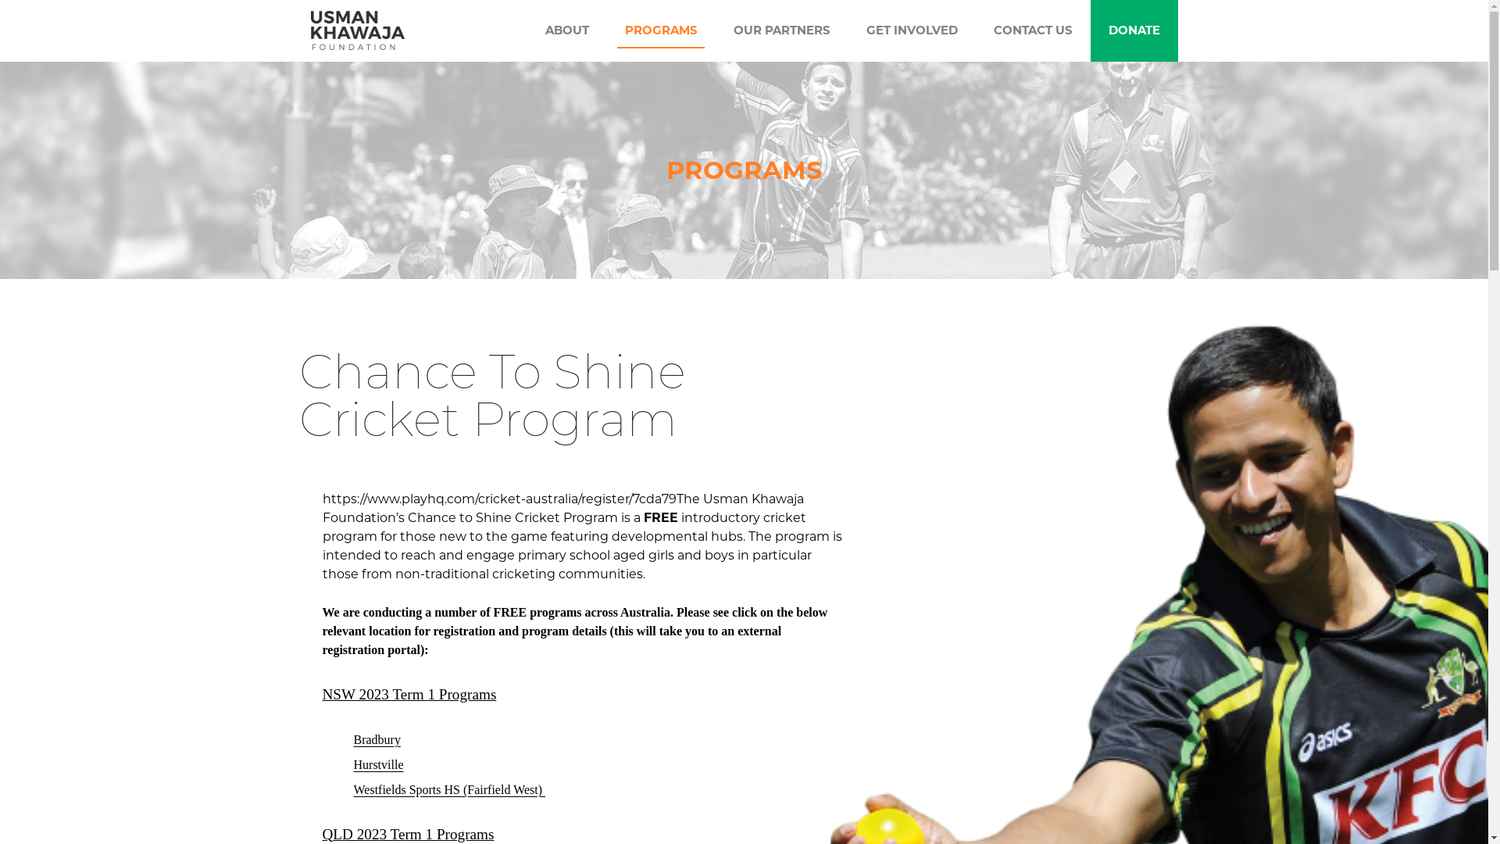 This screenshot has height=844, width=1500. Describe the element at coordinates (911, 30) in the screenshot. I see `'GET INVOLVED'` at that location.